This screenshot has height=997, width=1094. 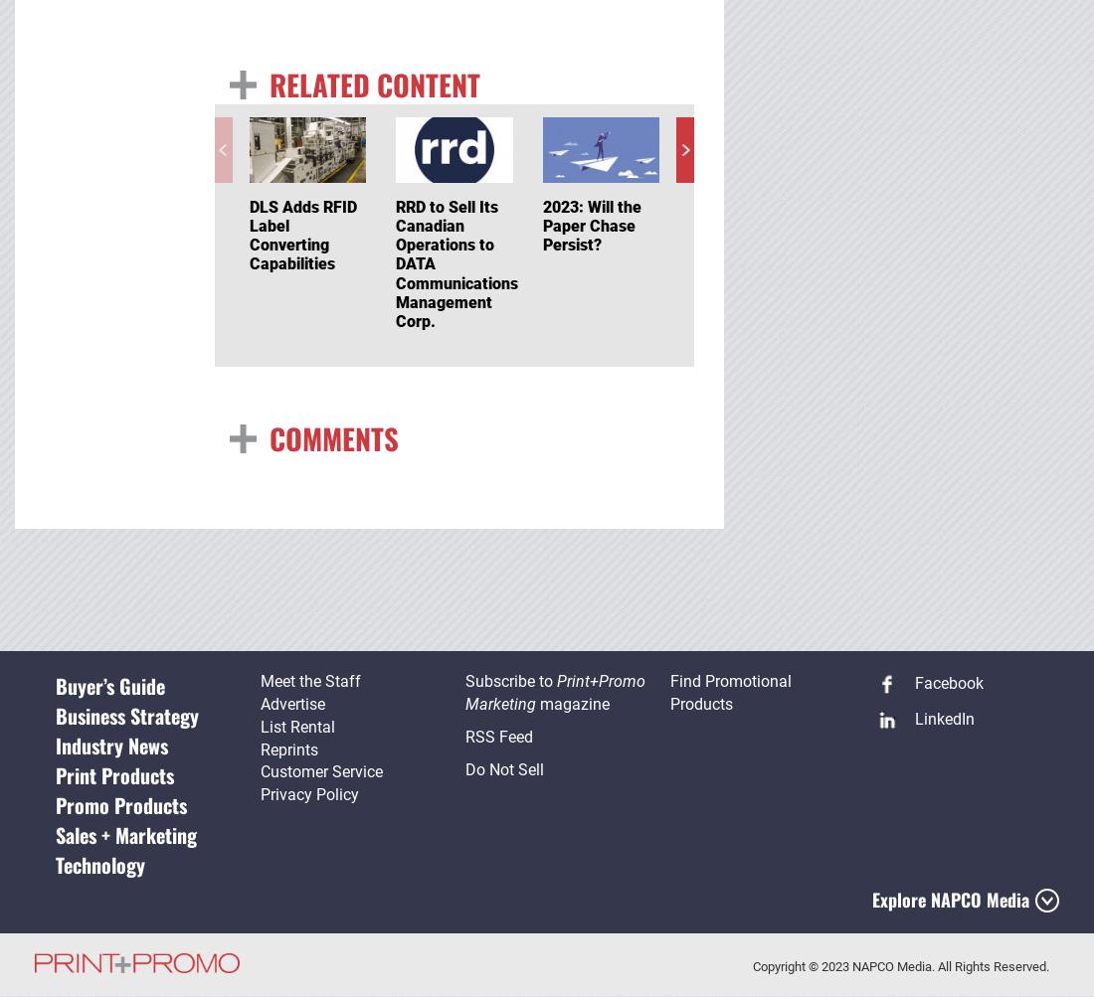 What do you see at coordinates (319, 770) in the screenshot?
I see `'Customer Service'` at bounding box center [319, 770].